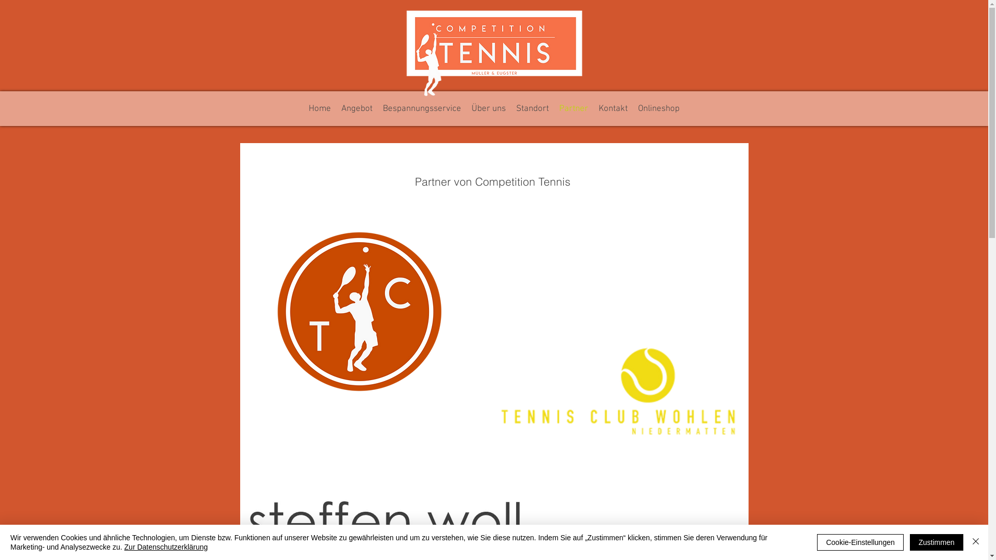  What do you see at coordinates (377, 108) in the screenshot?
I see `'Bespannungsservice'` at bounding box center [377, 108].